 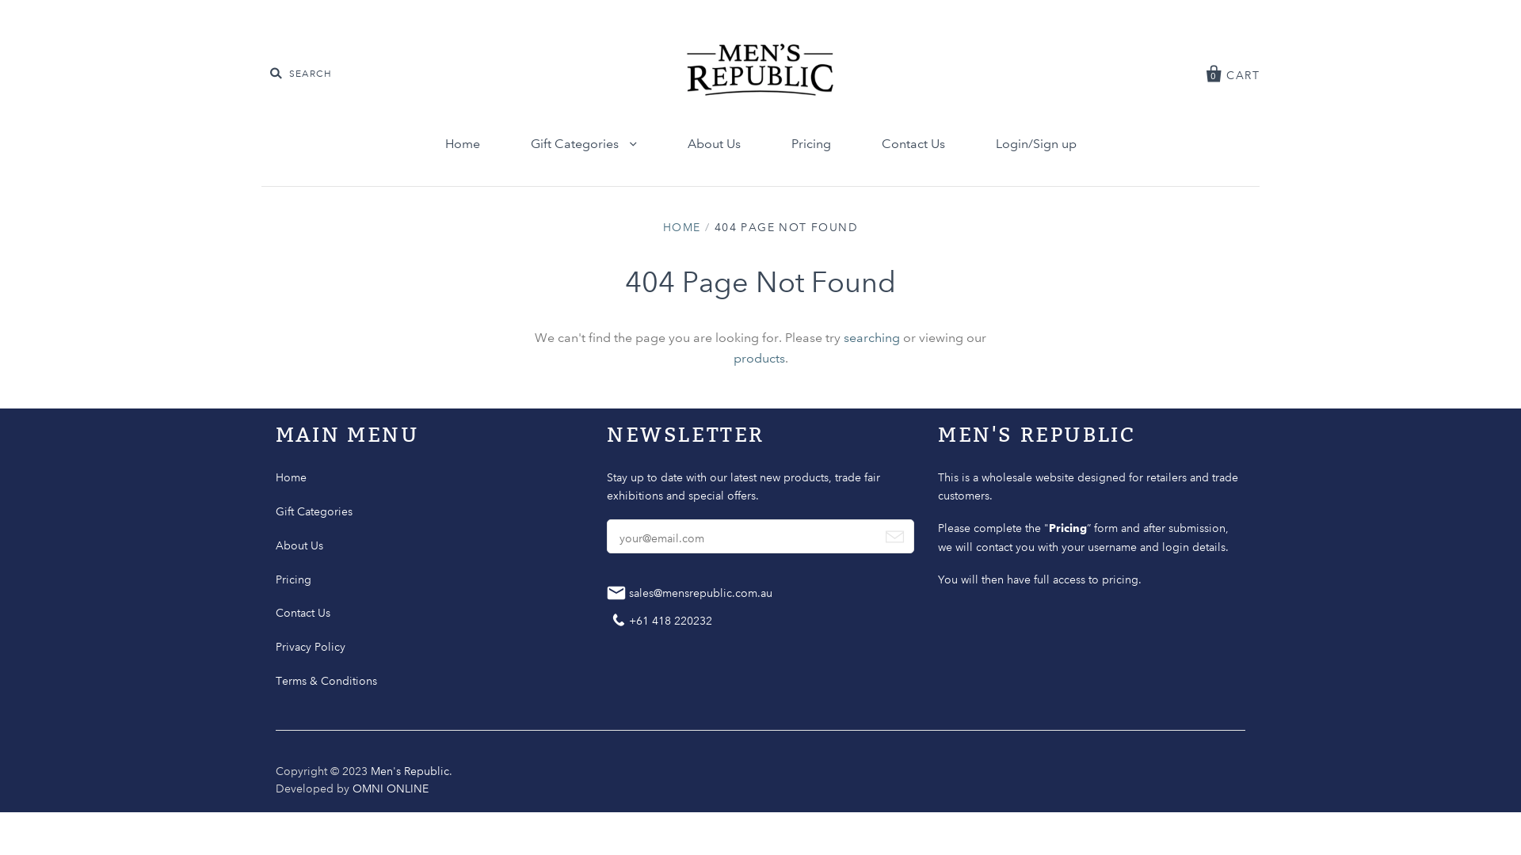 What do you see at coordinates (767, 143) in the screenshot?
I see `'Pricing'` at bounding box center [767, 143].